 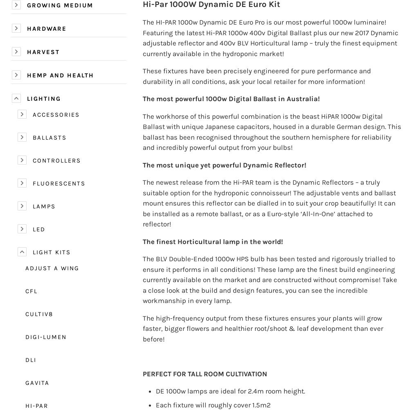 I want to click on 'The high-frequency output from these fixtures ensures your plants will grow faster, bigger flowers and healthier root/shoot & leaf development than ever before!', so click(x=263, y=328).